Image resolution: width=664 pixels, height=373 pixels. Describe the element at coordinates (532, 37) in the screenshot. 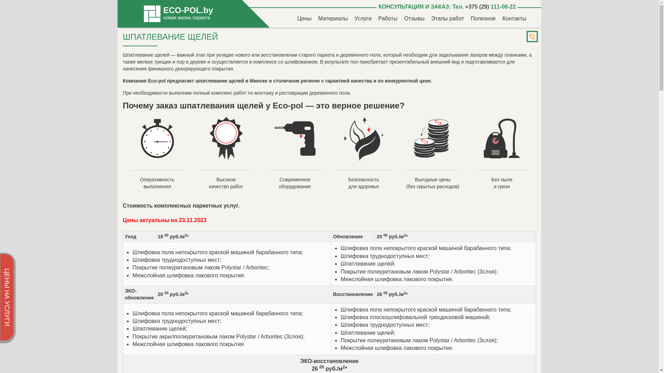

I see `'click'` at that location.